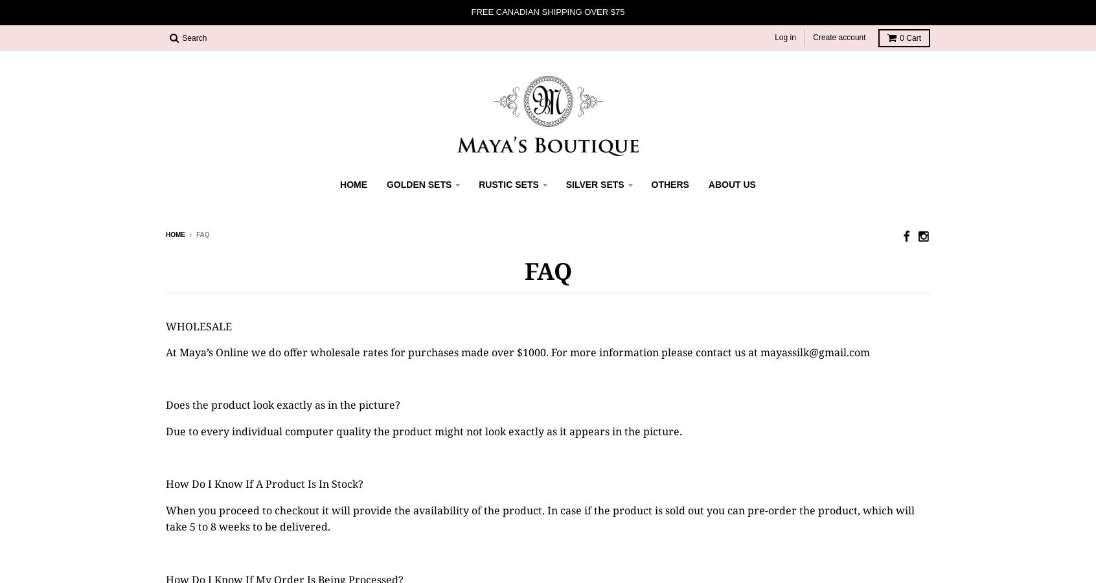 This screenshot has width=1096, height=583. Describe the element at coordinates (838, 36) in the screenshot. I see `'Create account'` at that location.